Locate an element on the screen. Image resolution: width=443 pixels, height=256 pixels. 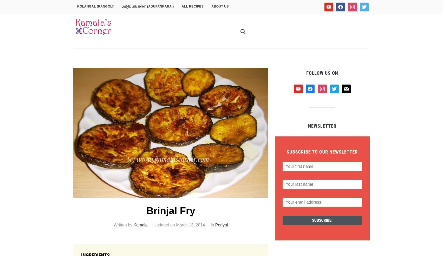
'The brinjal fry was just yummy. Delicious.' is located at coordinates (141, 196).